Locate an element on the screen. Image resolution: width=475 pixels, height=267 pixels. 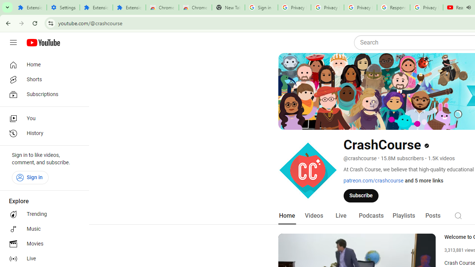
'New Tab' is located at coordinates (228, 7).